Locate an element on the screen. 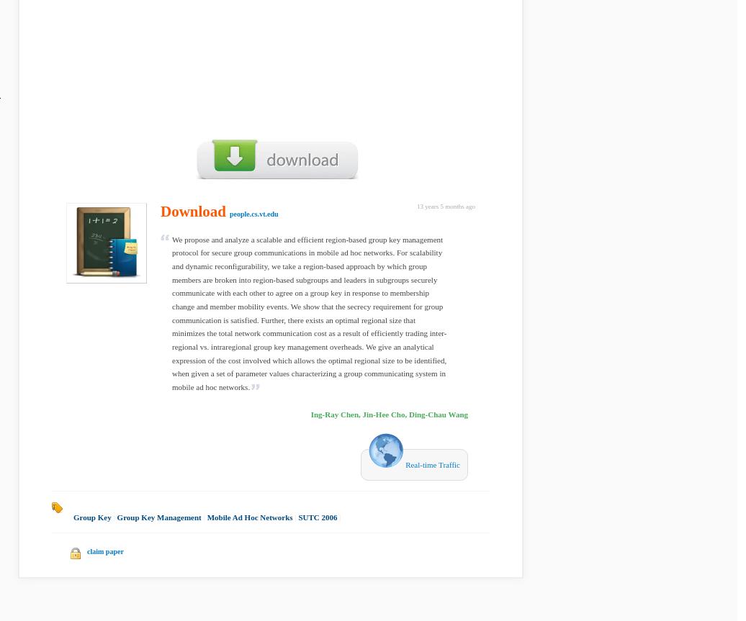 This screenshot has height=621, width=746. 'Real-time Traffic' is located at coordinates (431, 463).